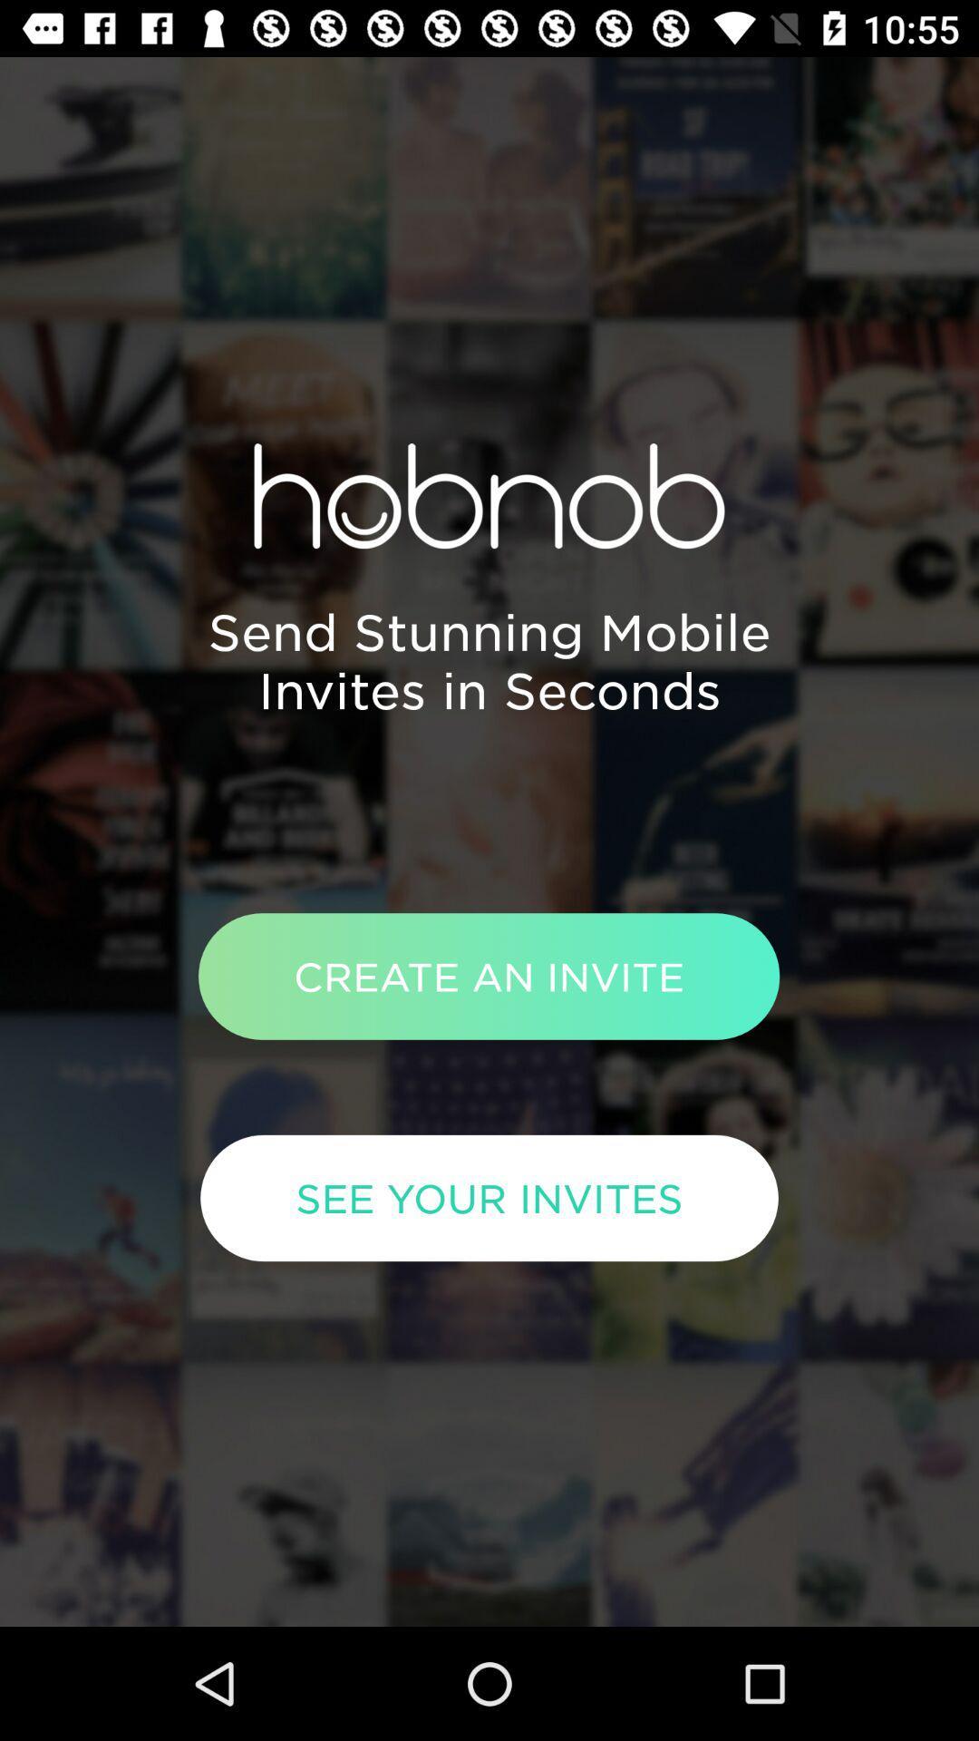 The height and width of the screenshot is (1741, 979). What do you see at coordinates (489, 1198) in the screenshot?
I see `the icon below create an invite icon` at bounding box center [489, 1198].